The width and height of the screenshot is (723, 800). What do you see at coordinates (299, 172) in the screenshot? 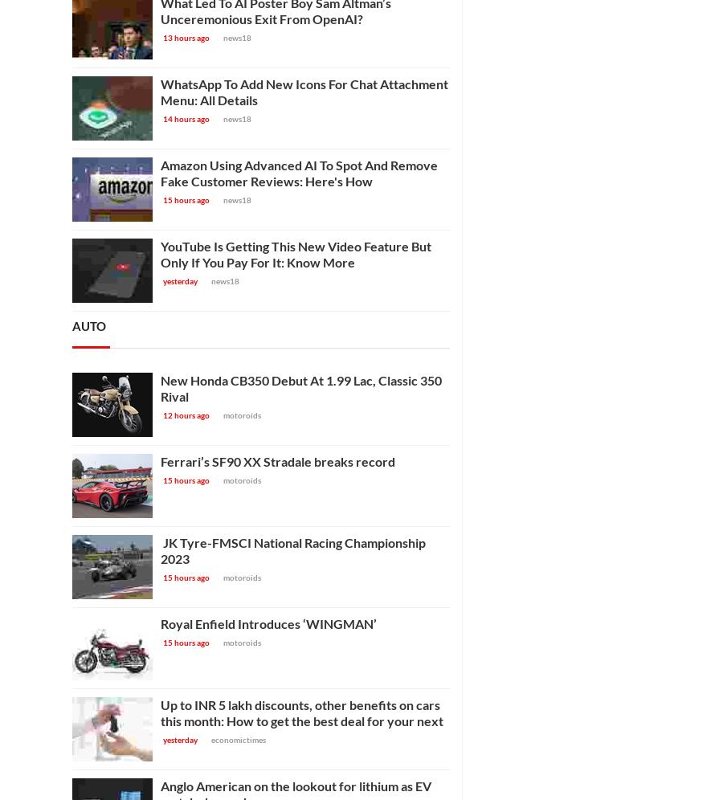
I see `'Amazon Using Advanced AI To Spot And Remove Fake Customer Reviews: Here's How'` at bounding box center [299, 172].